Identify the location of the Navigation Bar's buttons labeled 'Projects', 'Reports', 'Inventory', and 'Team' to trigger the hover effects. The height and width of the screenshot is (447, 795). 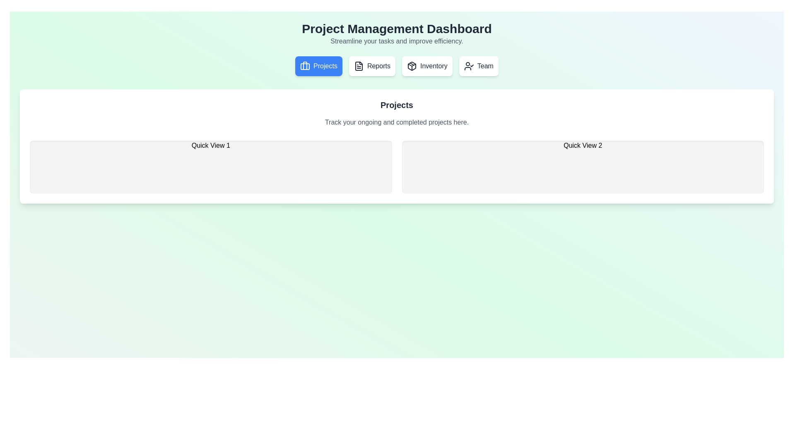
(396, 65).